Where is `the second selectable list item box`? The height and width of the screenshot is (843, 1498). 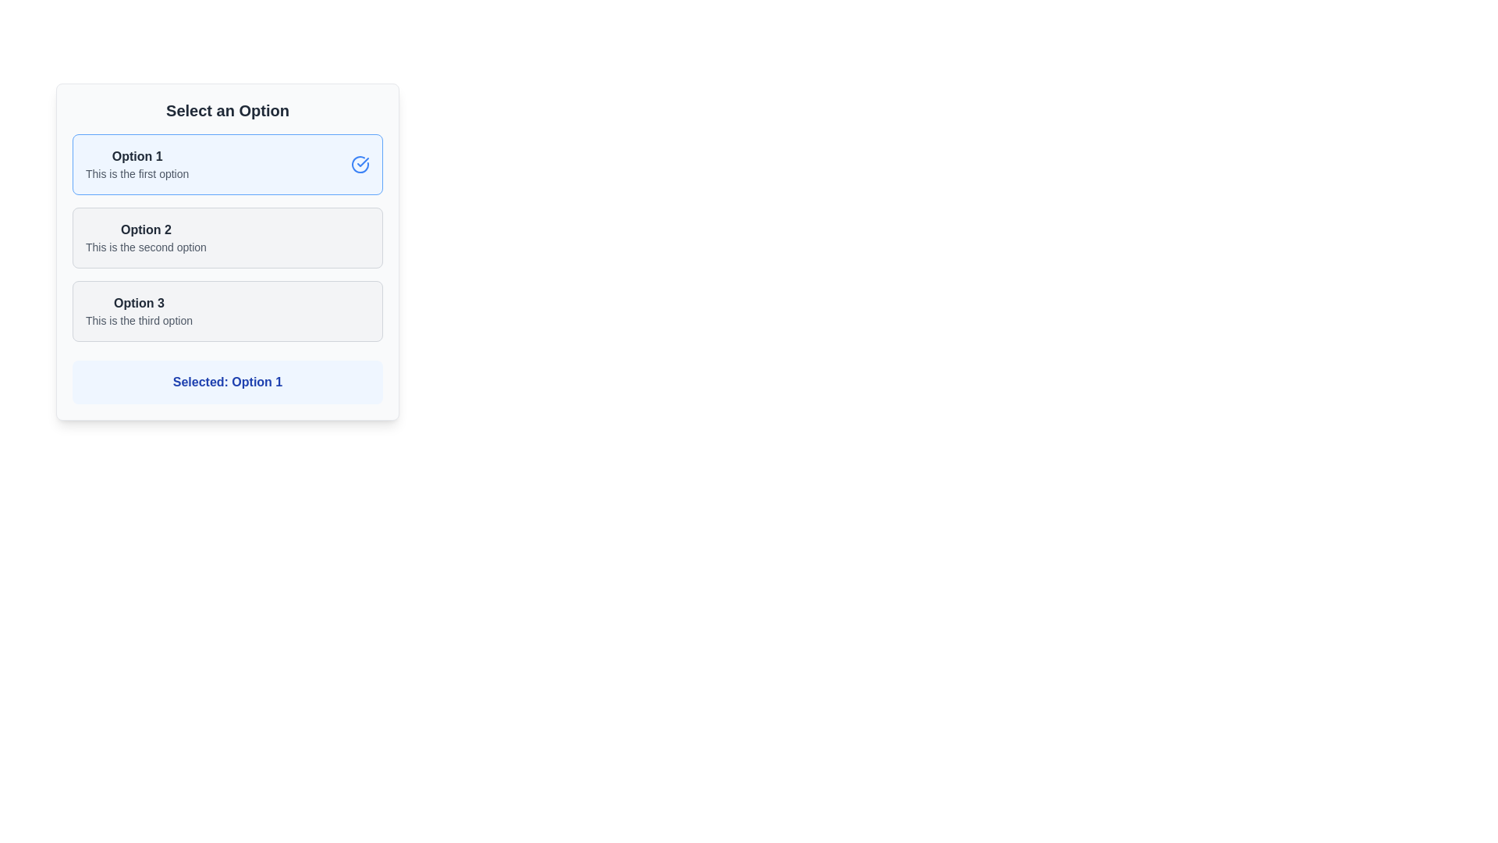 the second selectable list item box is located at coordinates (227, 251).